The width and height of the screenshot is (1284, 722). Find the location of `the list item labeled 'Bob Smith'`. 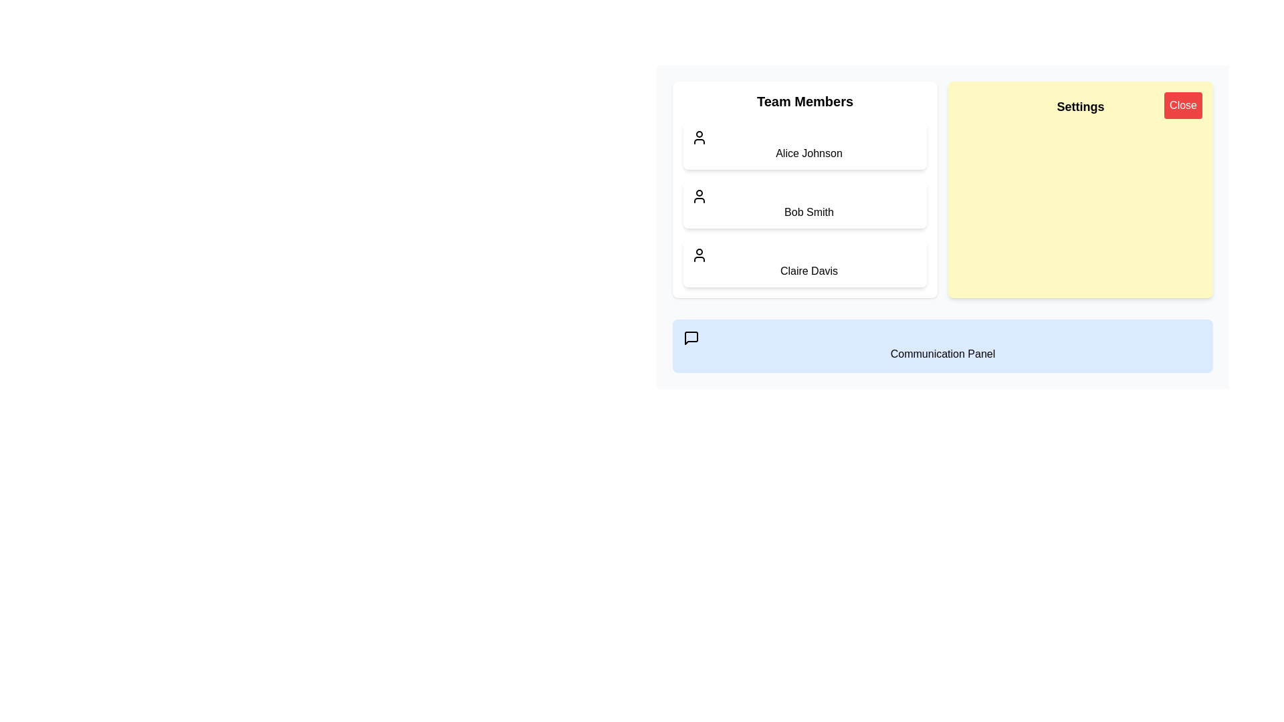

the list item labeled 'Bob Smith' is located at coordinates (805, 204).